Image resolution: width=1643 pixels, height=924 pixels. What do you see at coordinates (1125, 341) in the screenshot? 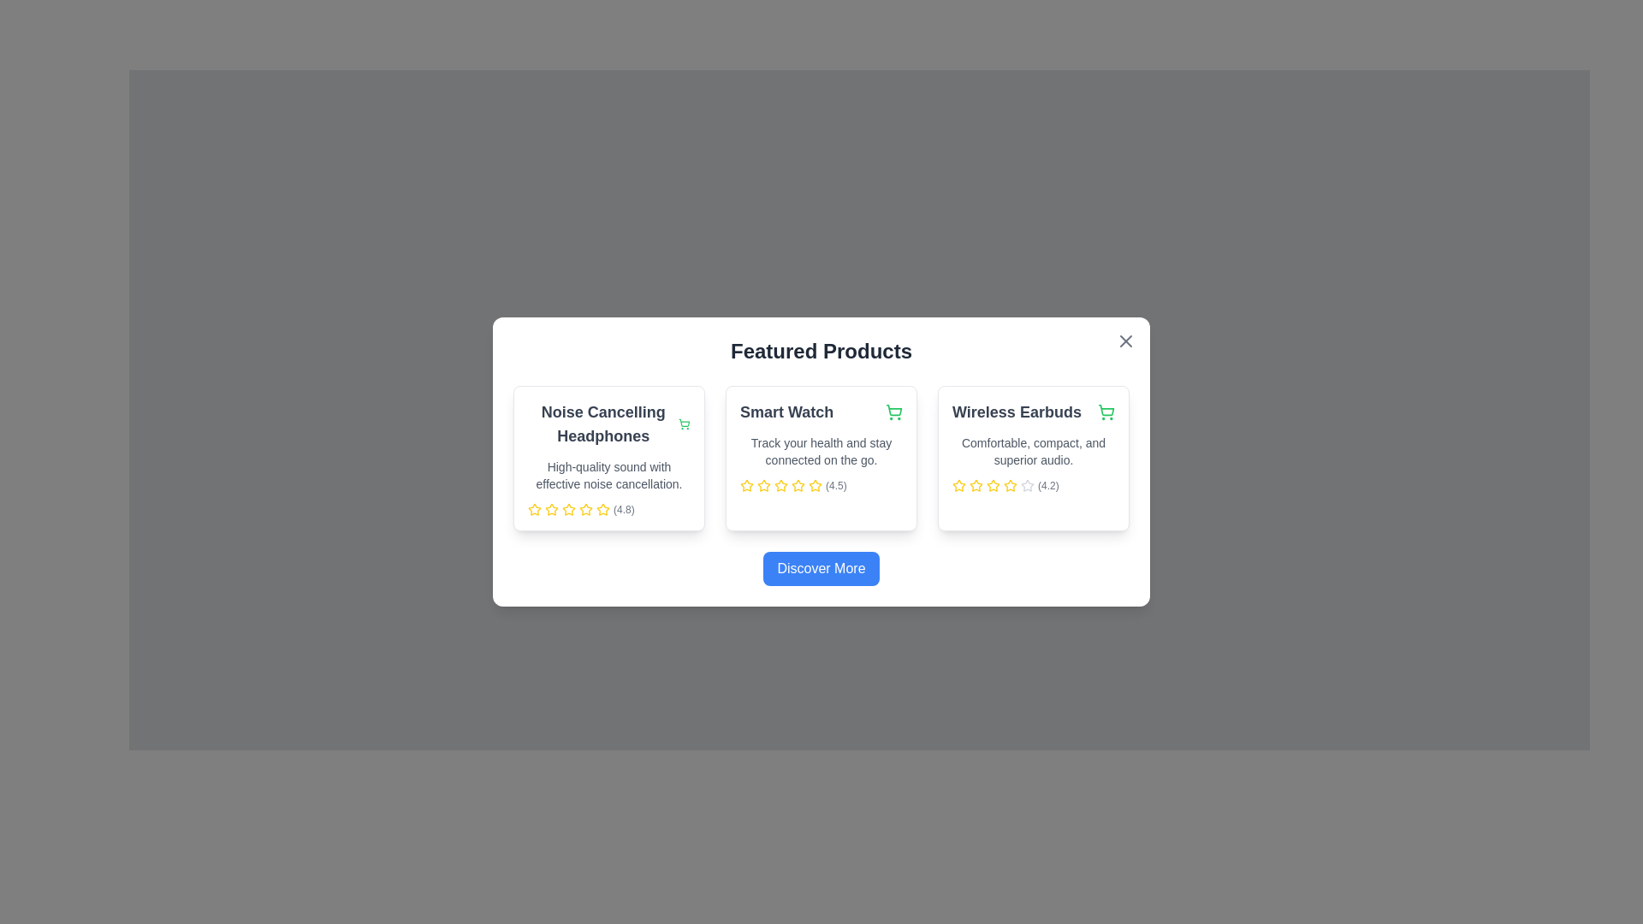
I see `the close button located in the top-right corner of the dialog box for dismissing the 'Featured Products' dialog` at bounding box center [1125, 341].